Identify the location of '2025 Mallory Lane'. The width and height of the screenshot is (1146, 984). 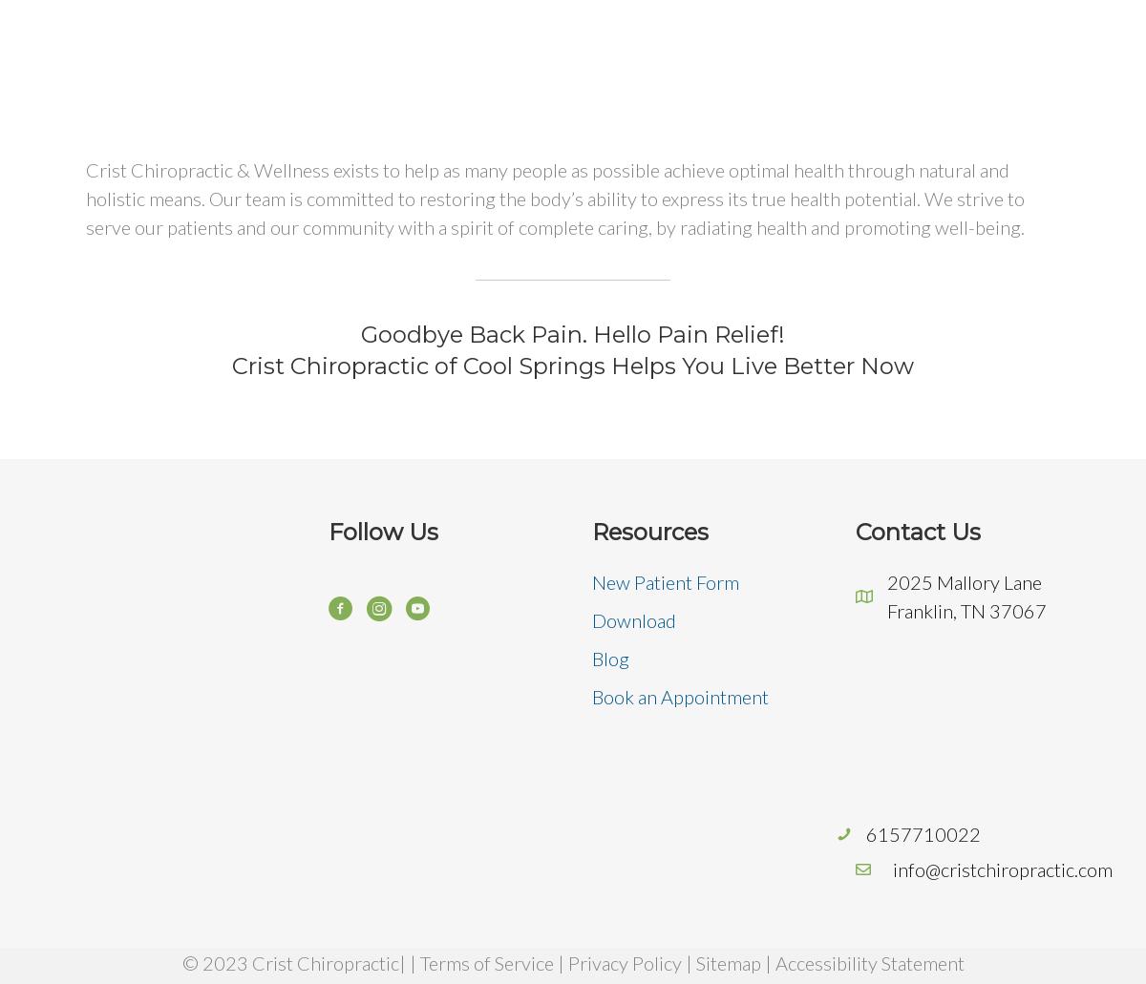
(887, 580).